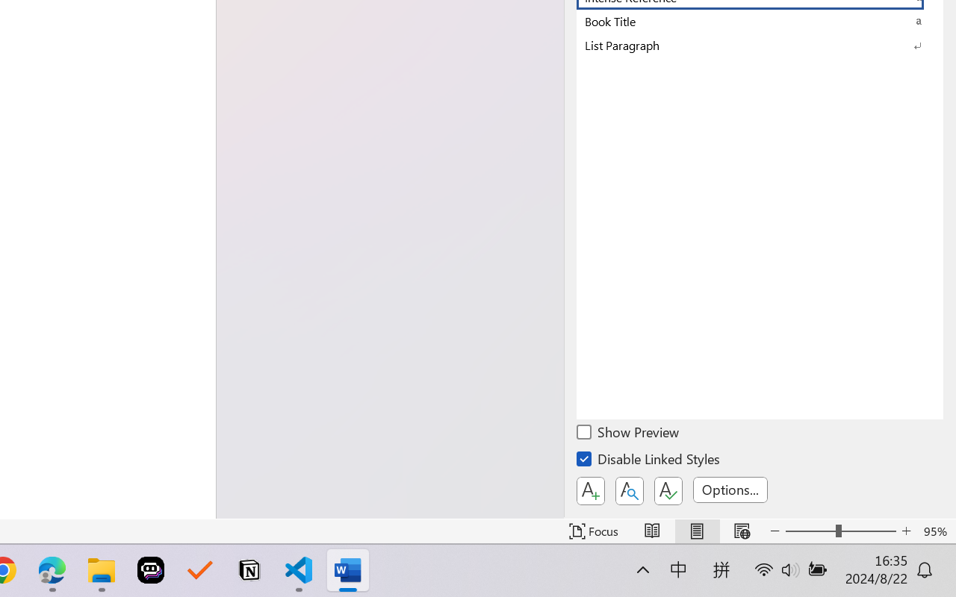 The image size is (956, 597). Describe the element at coordinates (935, 531) in the screenshot. I see `'Zoom 95%'` at that location.